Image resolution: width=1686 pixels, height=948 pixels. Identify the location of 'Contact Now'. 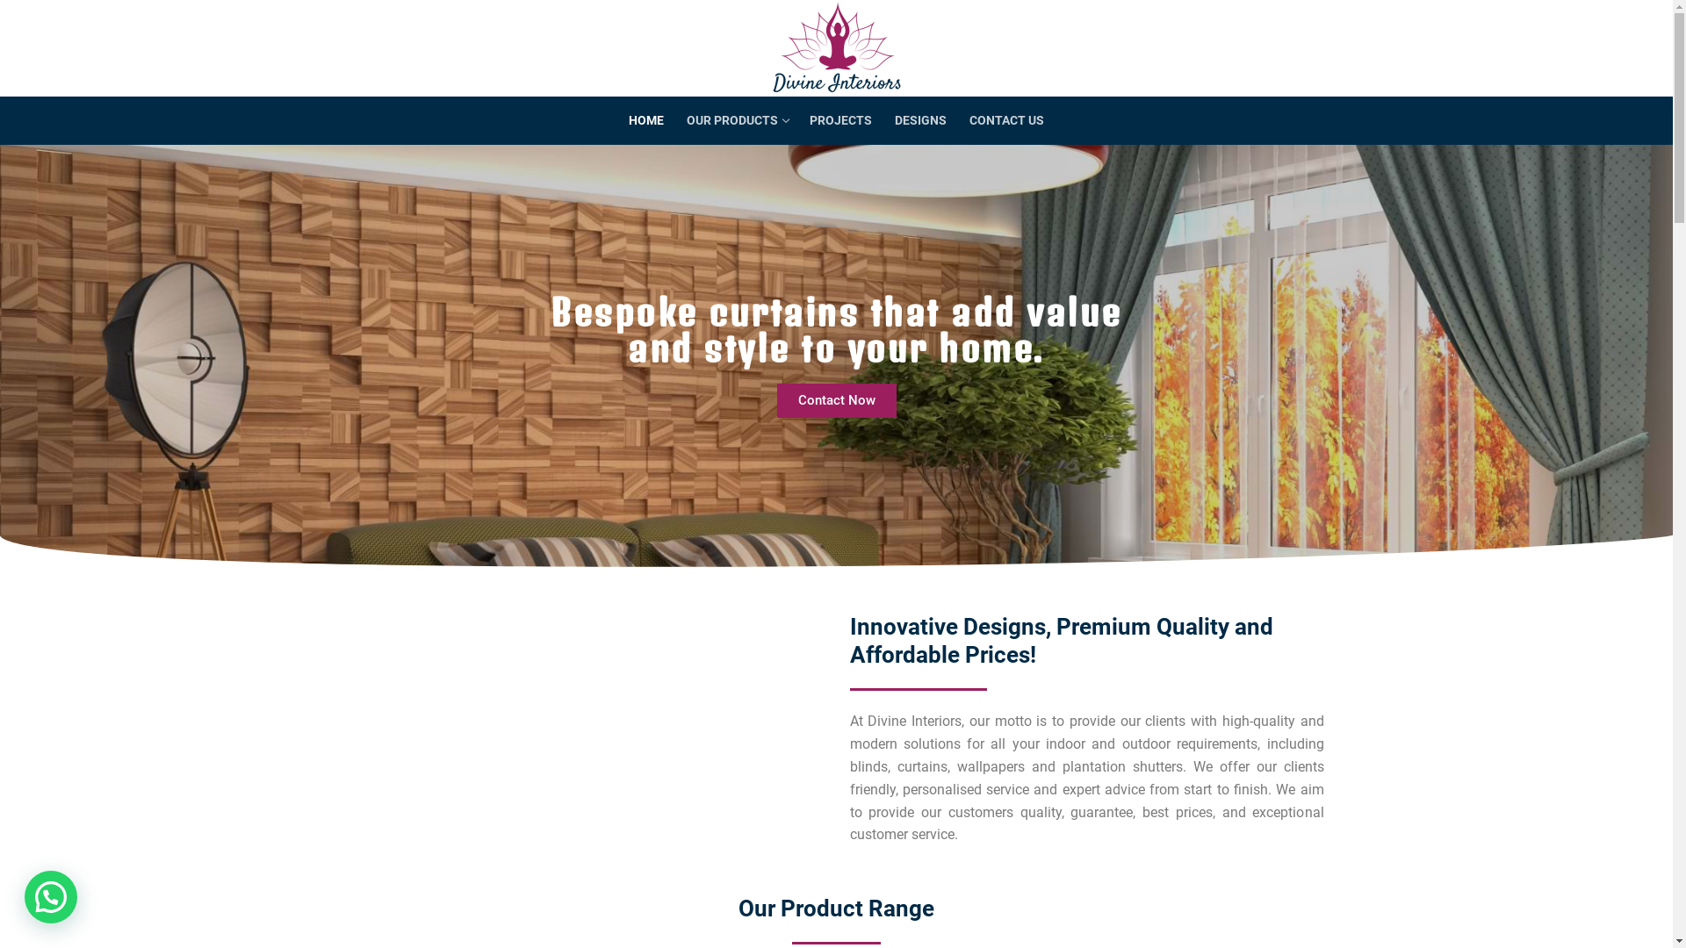
(834, 400).